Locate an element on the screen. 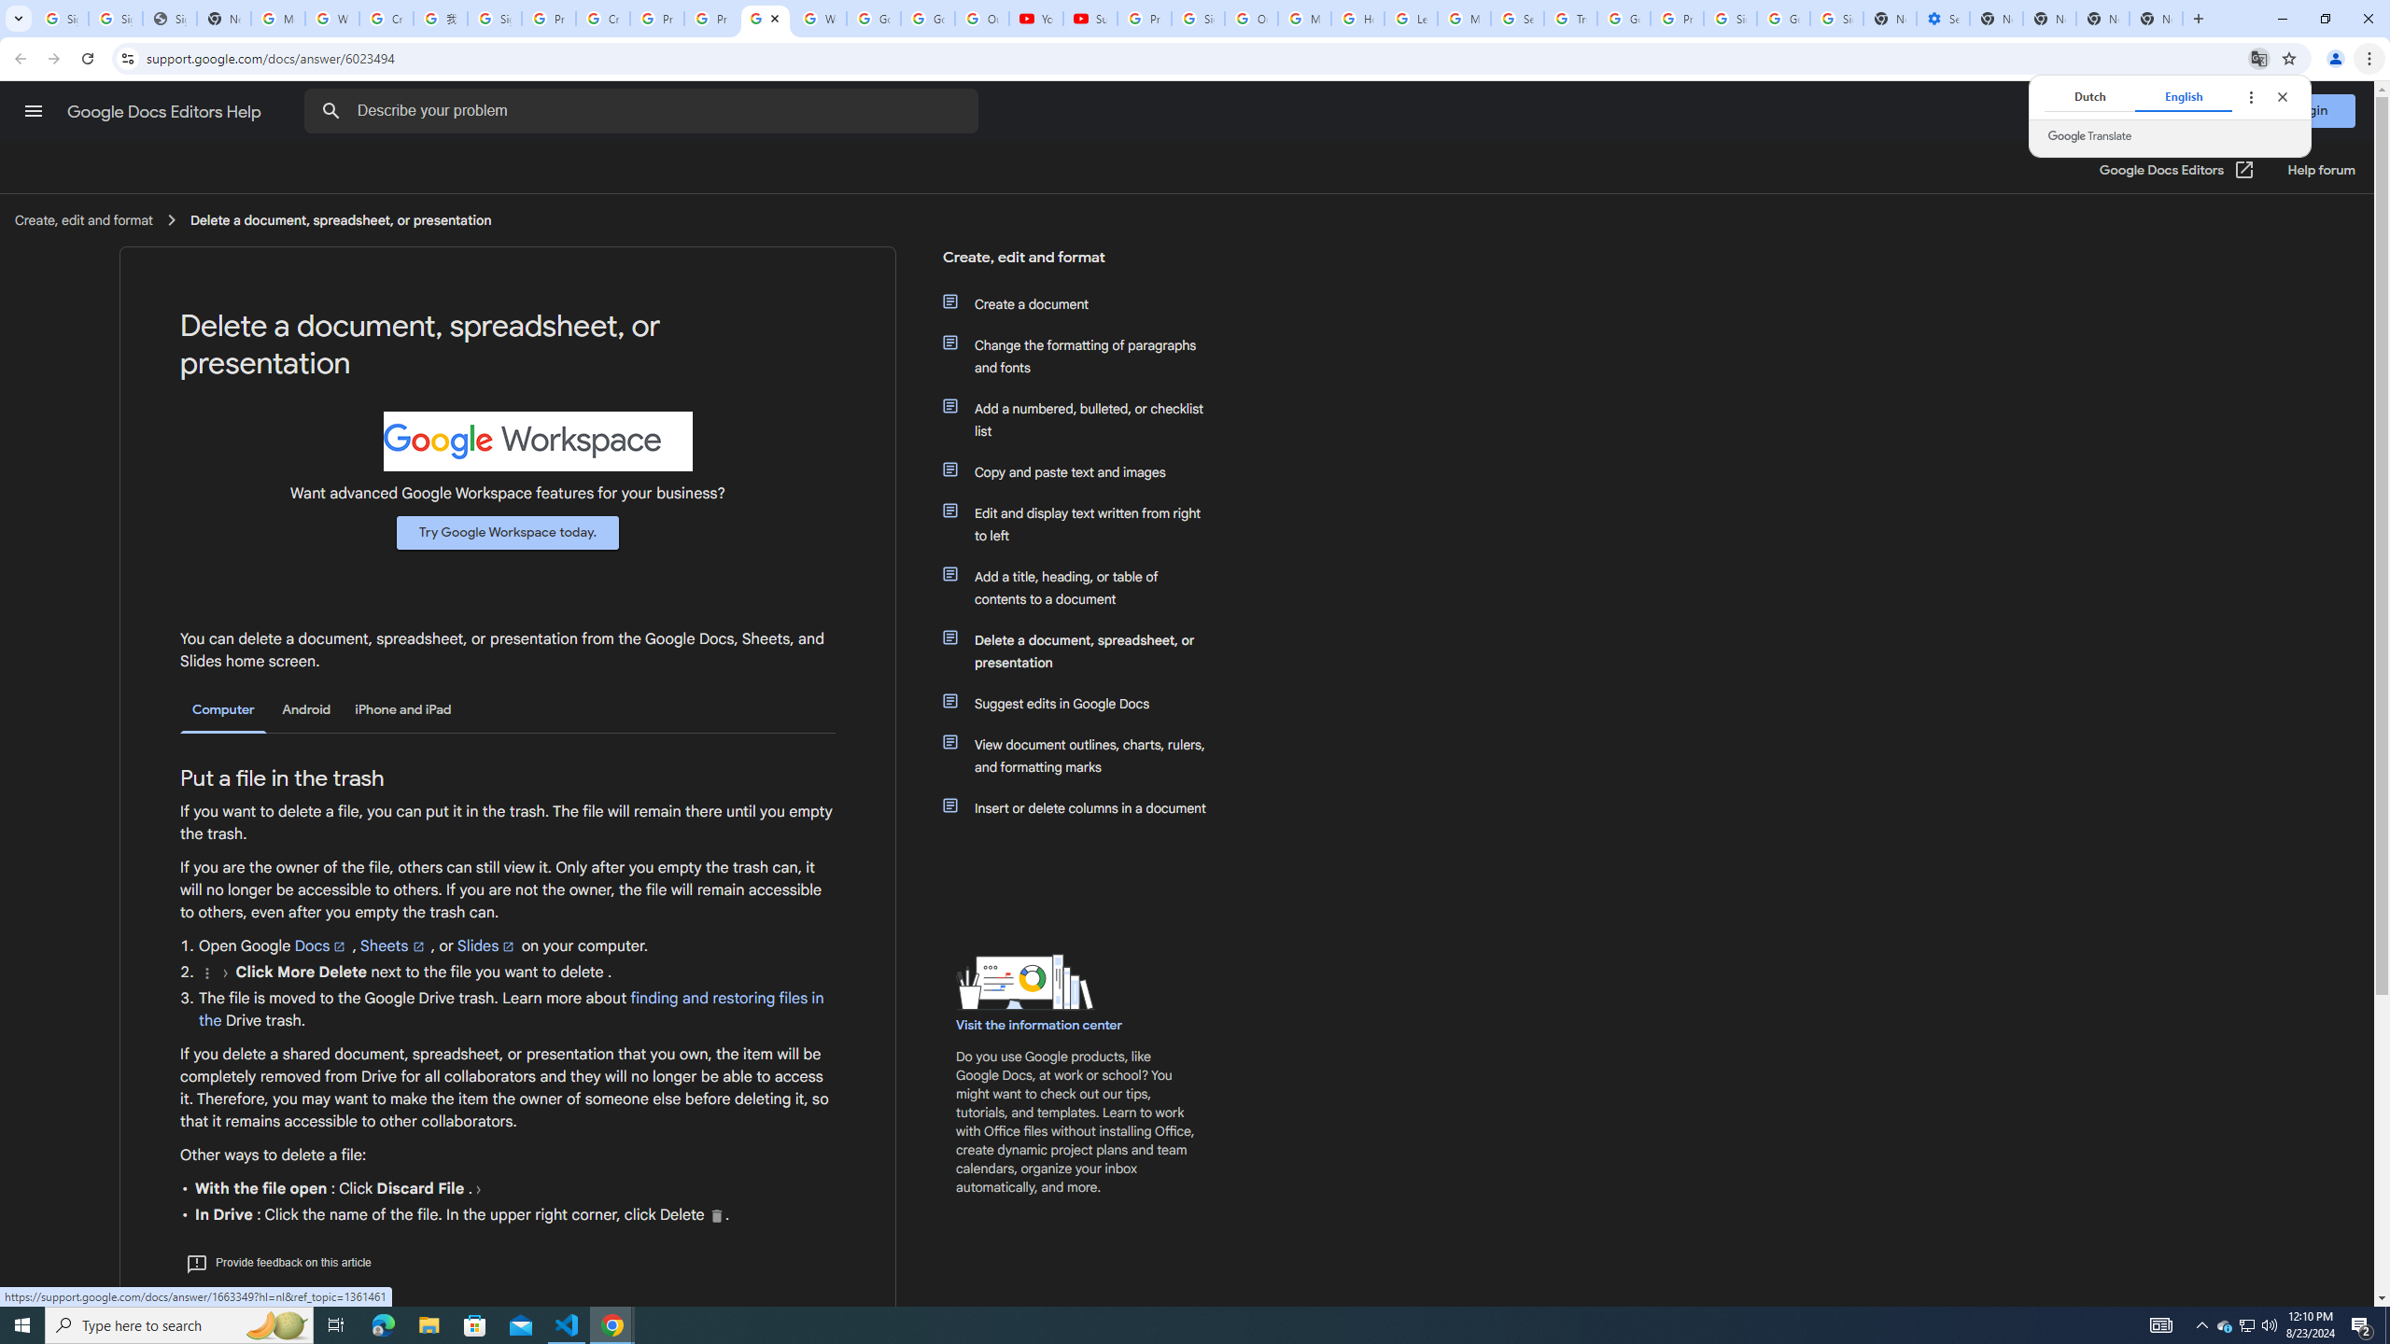  'Search the Help Center' is located at coordinates (330, 110).